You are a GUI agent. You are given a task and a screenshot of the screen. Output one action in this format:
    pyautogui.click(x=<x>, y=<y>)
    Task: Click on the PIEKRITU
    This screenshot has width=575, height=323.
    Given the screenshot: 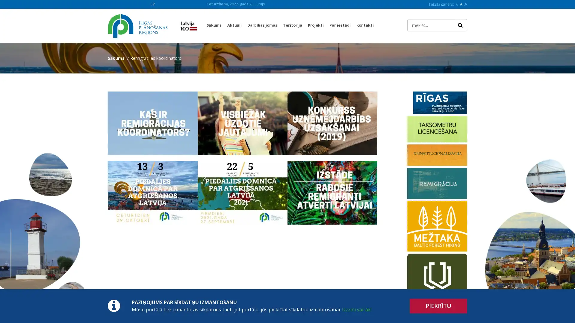 What is the action you would take?
    pyautogui.click(x=438, y=306)
    